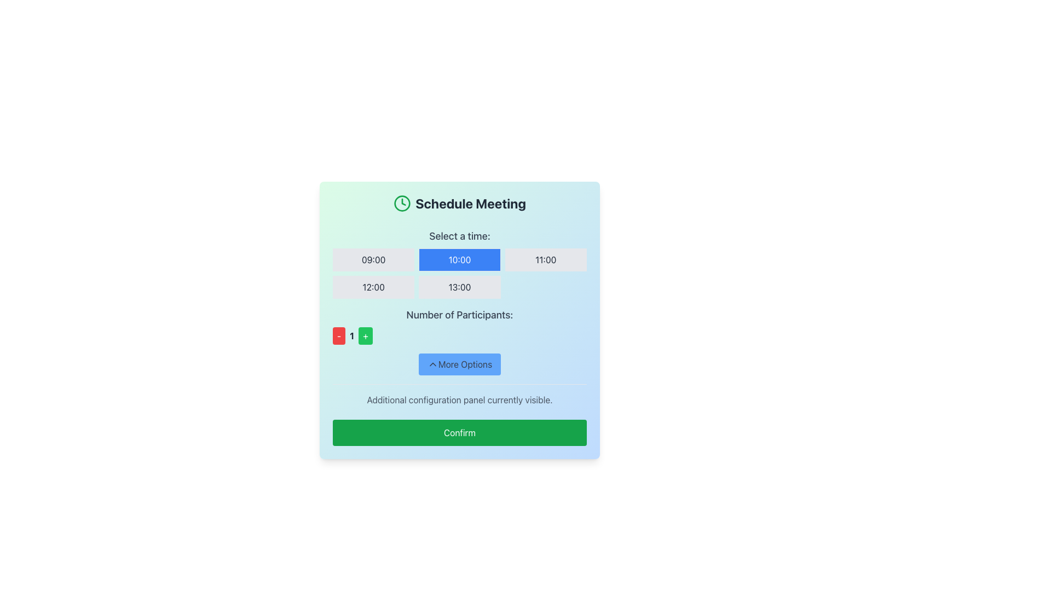  Describe the element at coordinates (460, 259) in the screenshot. I see `the '10:00' button, which is the second button in the upper row under the 'Select a time:' label` at that location.